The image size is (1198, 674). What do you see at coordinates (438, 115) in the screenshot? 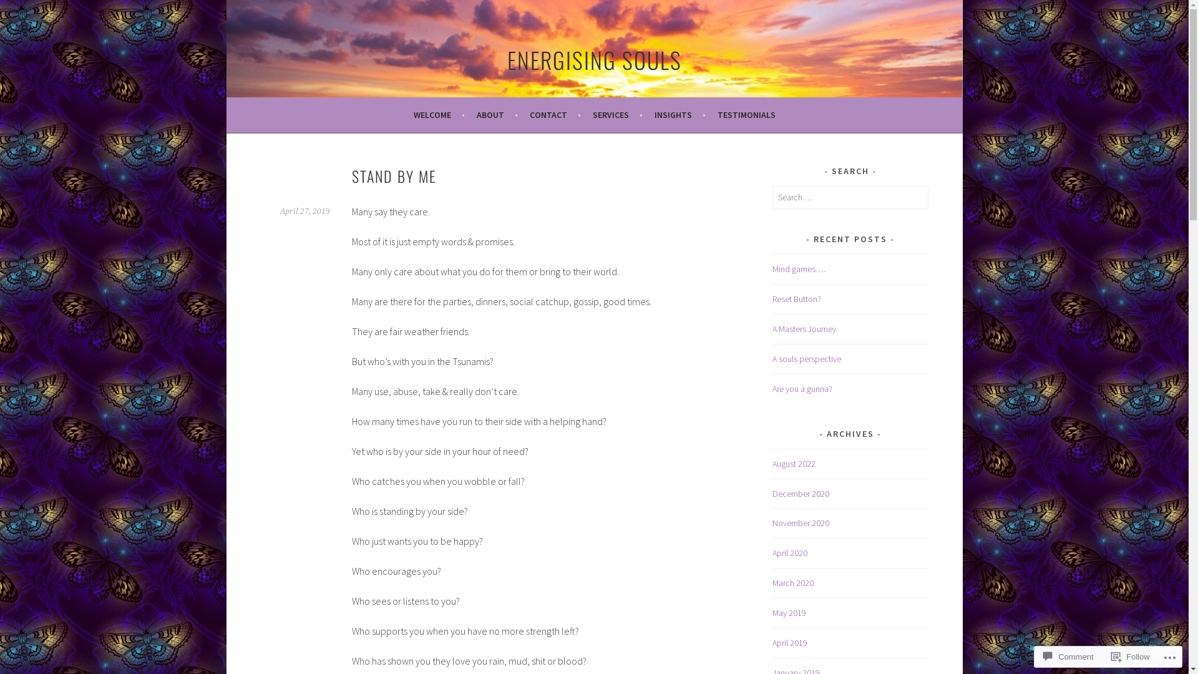
I see `'WELCOME'` at bounding box center [438, 115].